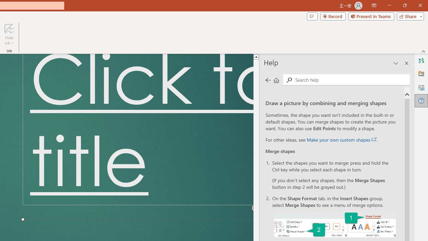 This screenshot has height=241, width=428. I want to click on 'Previous page', so click(268, 80).